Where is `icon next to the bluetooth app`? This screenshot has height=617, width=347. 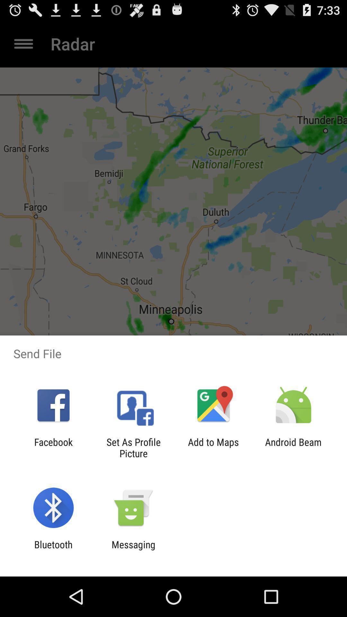
icon next to the bluetooth app is located at coordinates (133, 550).